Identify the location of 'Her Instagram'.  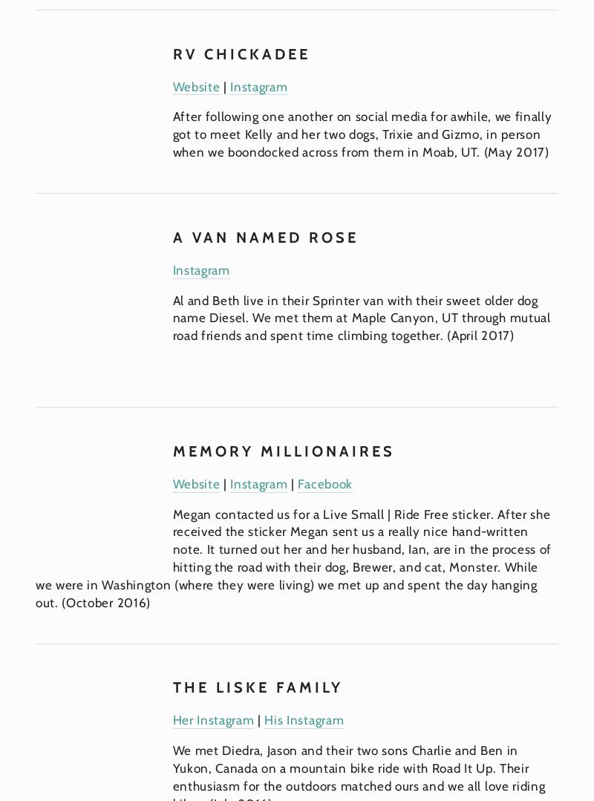
(213, 719).